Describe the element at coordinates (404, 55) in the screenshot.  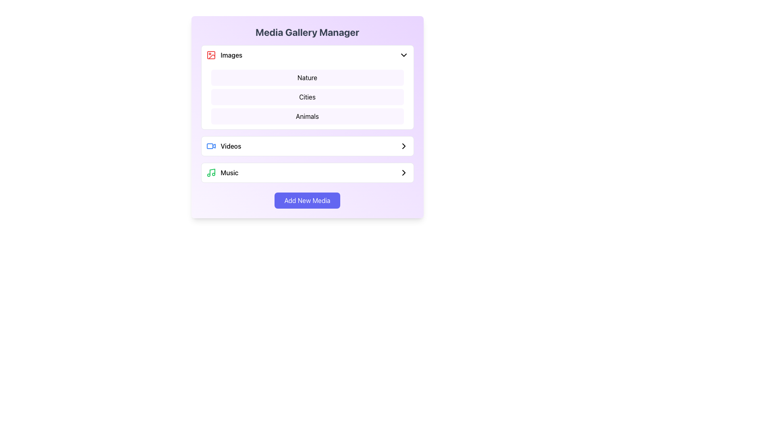
I see `the Dropdown Indicator Icon, which is an SVG downward chevron located on the right side of the 'Images' section header` at that location.